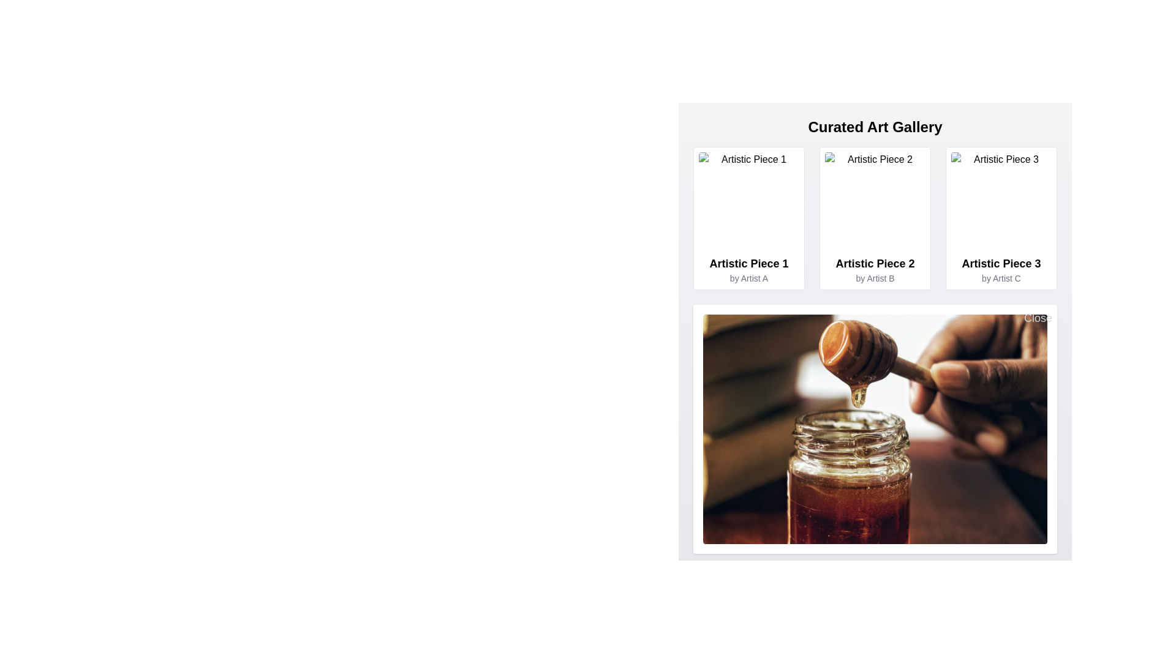 Image resolution: width=1176 pixels, height=661 pixels. I want to click on the card element in the grid layout, so click(875, 218).